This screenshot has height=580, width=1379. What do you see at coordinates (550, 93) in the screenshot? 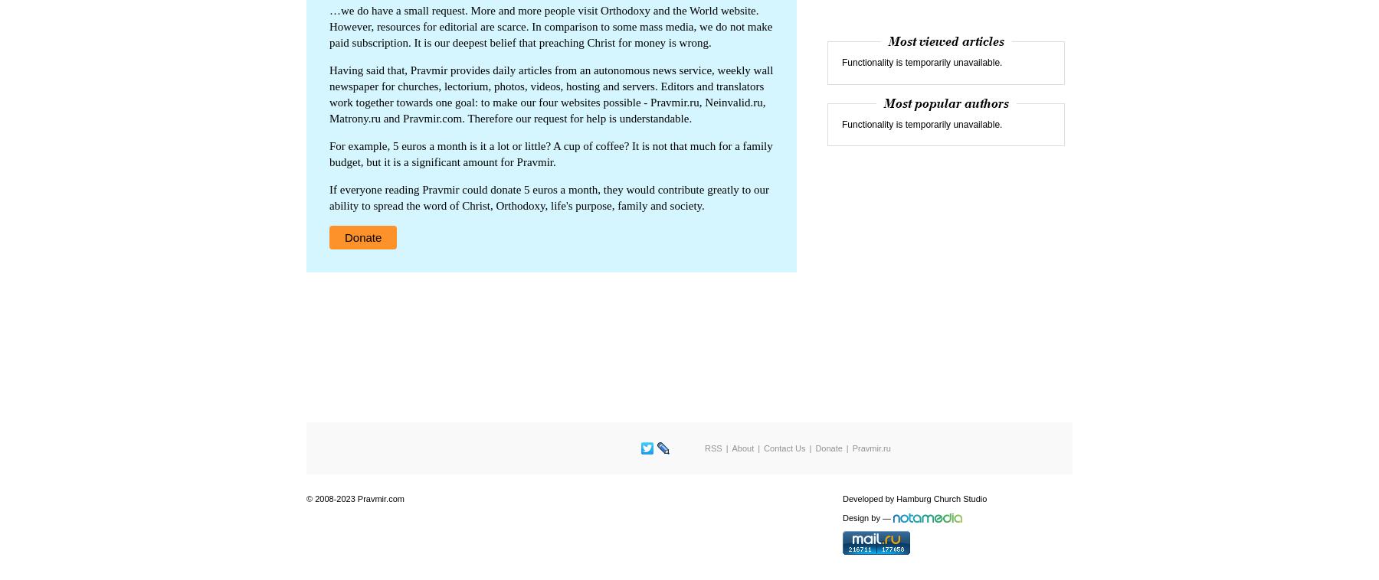
I see `'Having said that, Pravmir provides daily articles from an autonomous news service,
			weekly wall newspaper for churches, lectorium, photos, videos, hosting and servers.
			Editors and translators work together towards one goal: to make our four websites possible -
			Pravmir.ru, Neinvalid.ru, Matrony.ru and Pravmir.com. Therefore our request for help is understandable.'` at bounding box center [550, 93].